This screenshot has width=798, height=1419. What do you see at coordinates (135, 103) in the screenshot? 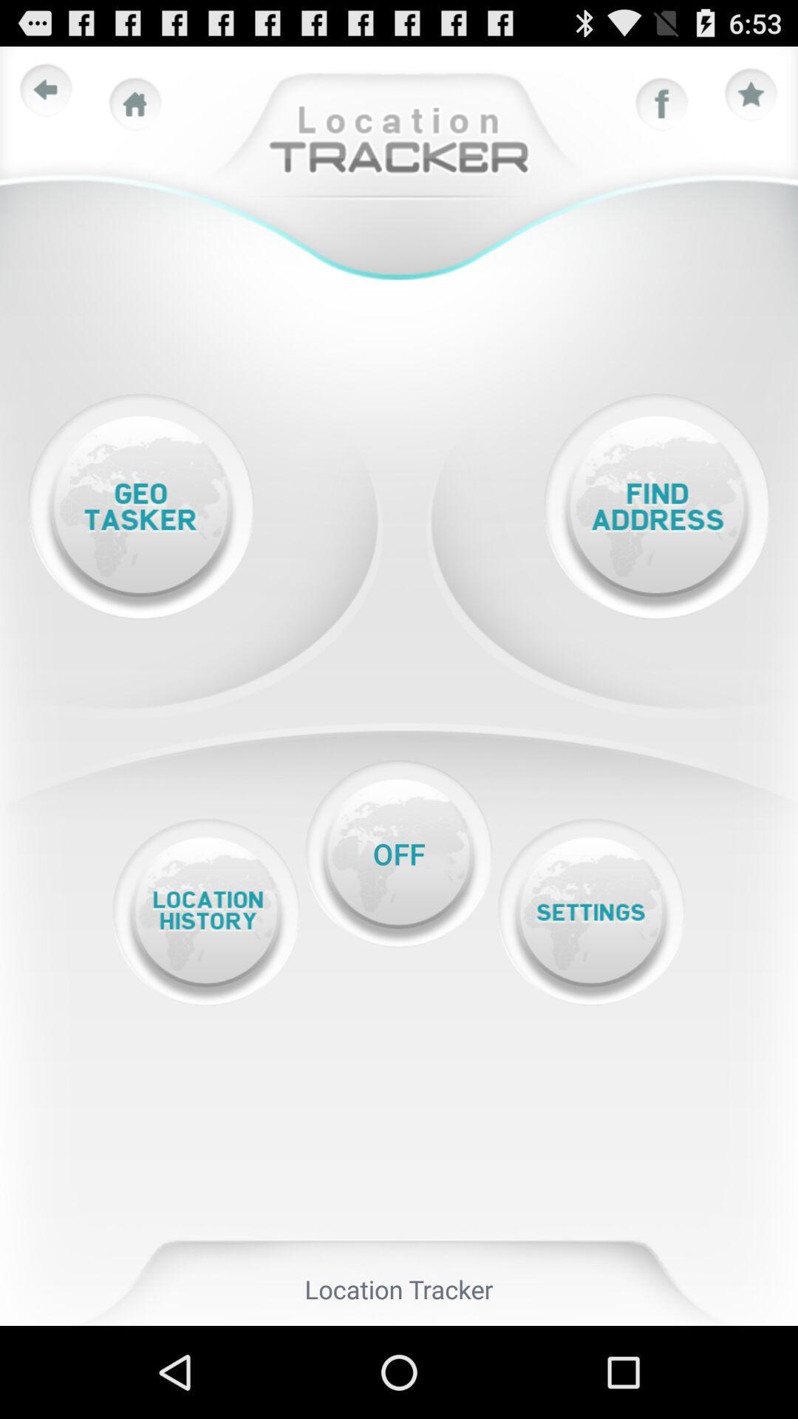
I see `home` at bounding box center [135, 103].